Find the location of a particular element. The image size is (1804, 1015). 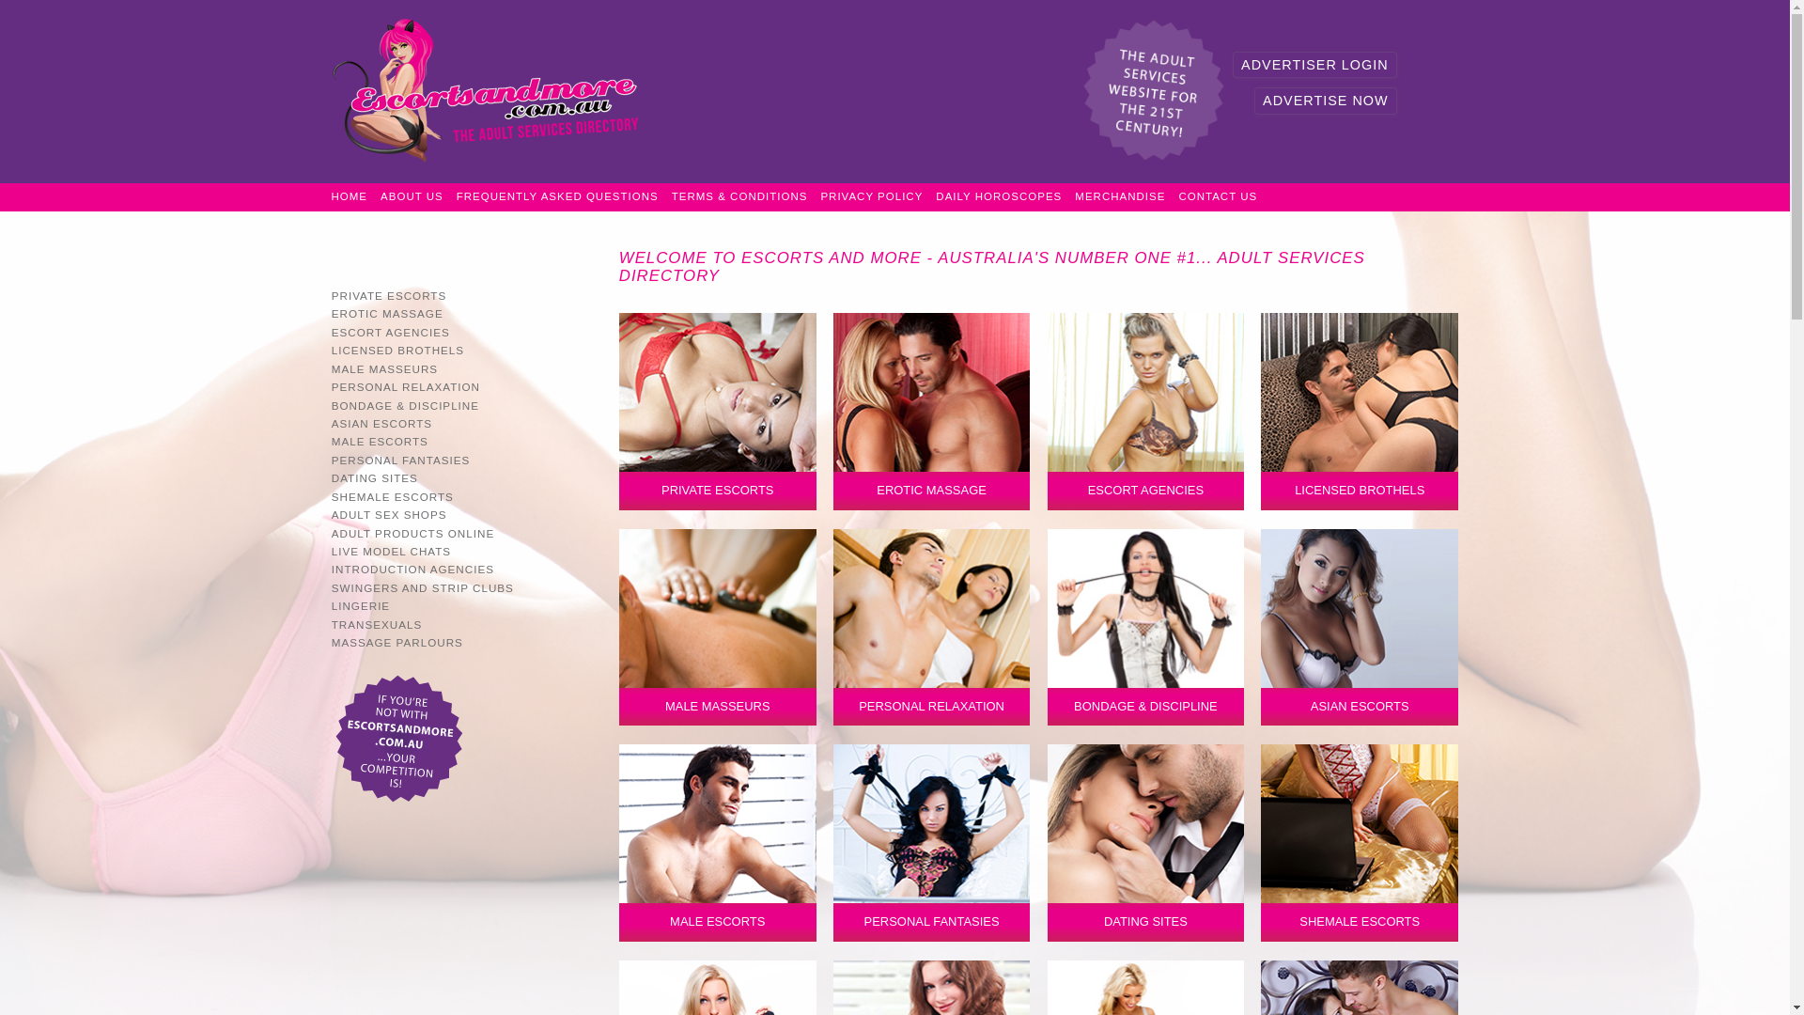

'Male Masseurs' is located at coordinates (716, 627).